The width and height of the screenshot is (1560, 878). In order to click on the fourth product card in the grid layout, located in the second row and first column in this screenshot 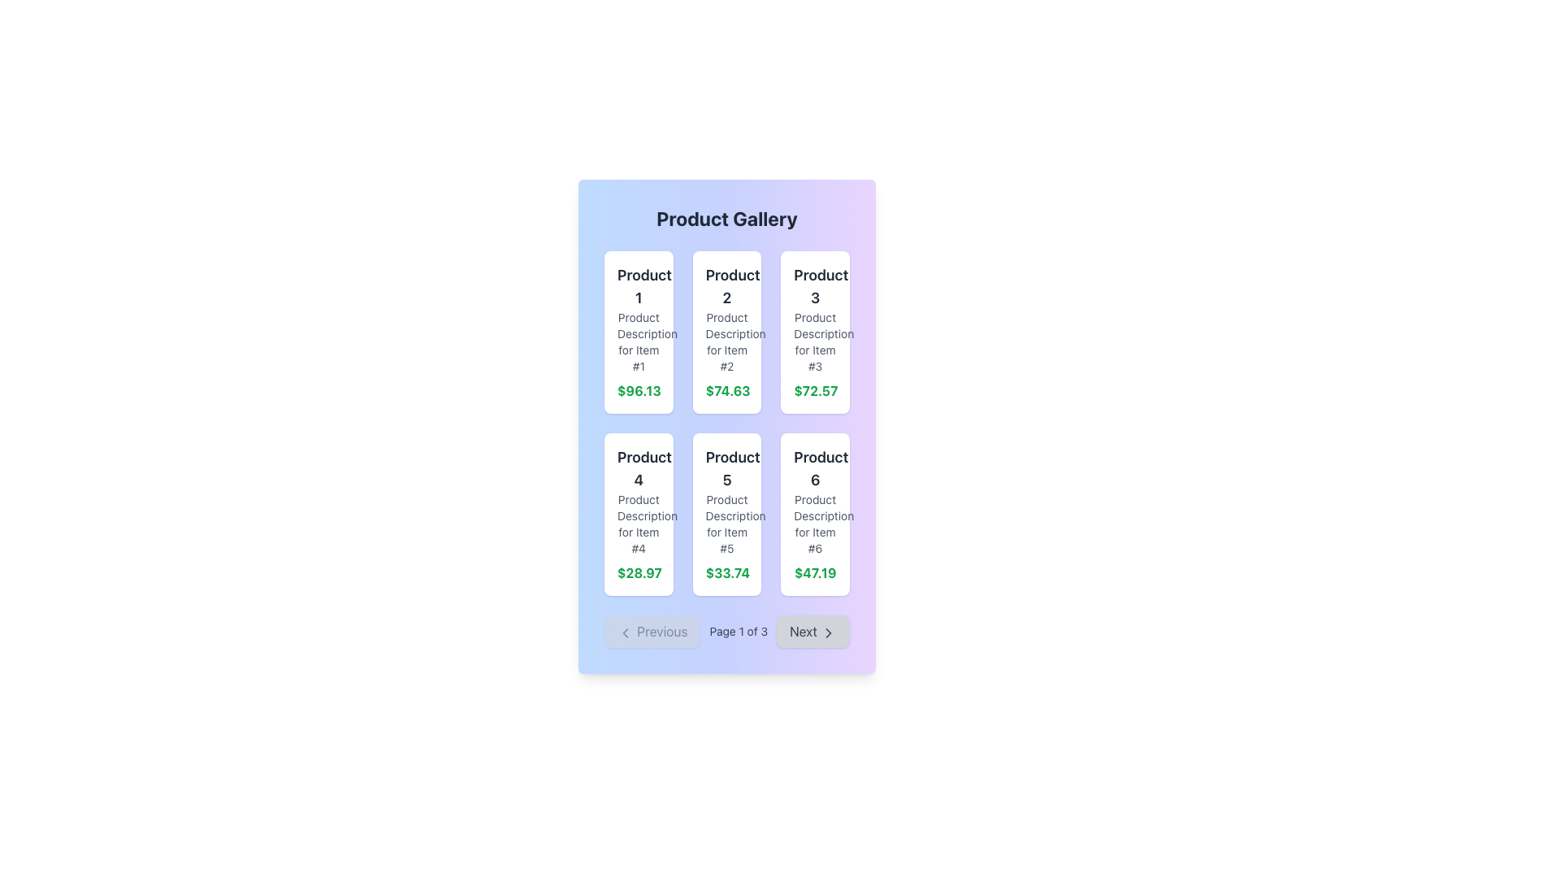, I will do `click(638, 514)`.